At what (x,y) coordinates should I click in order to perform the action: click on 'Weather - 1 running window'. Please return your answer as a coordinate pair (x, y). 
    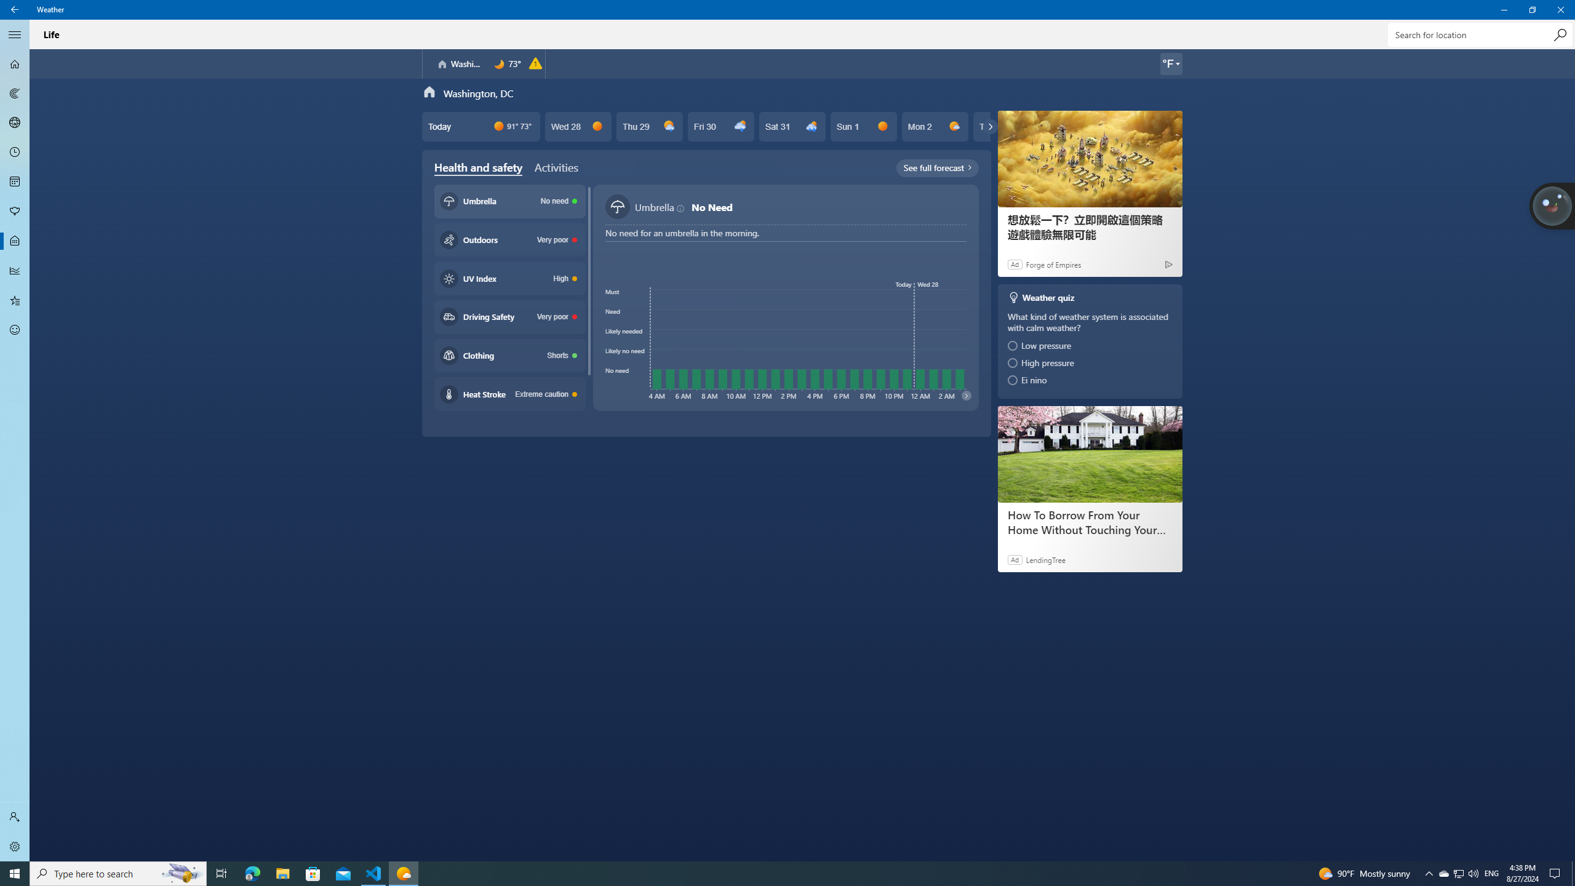
    Looking at the image, I should click on (404, 872).